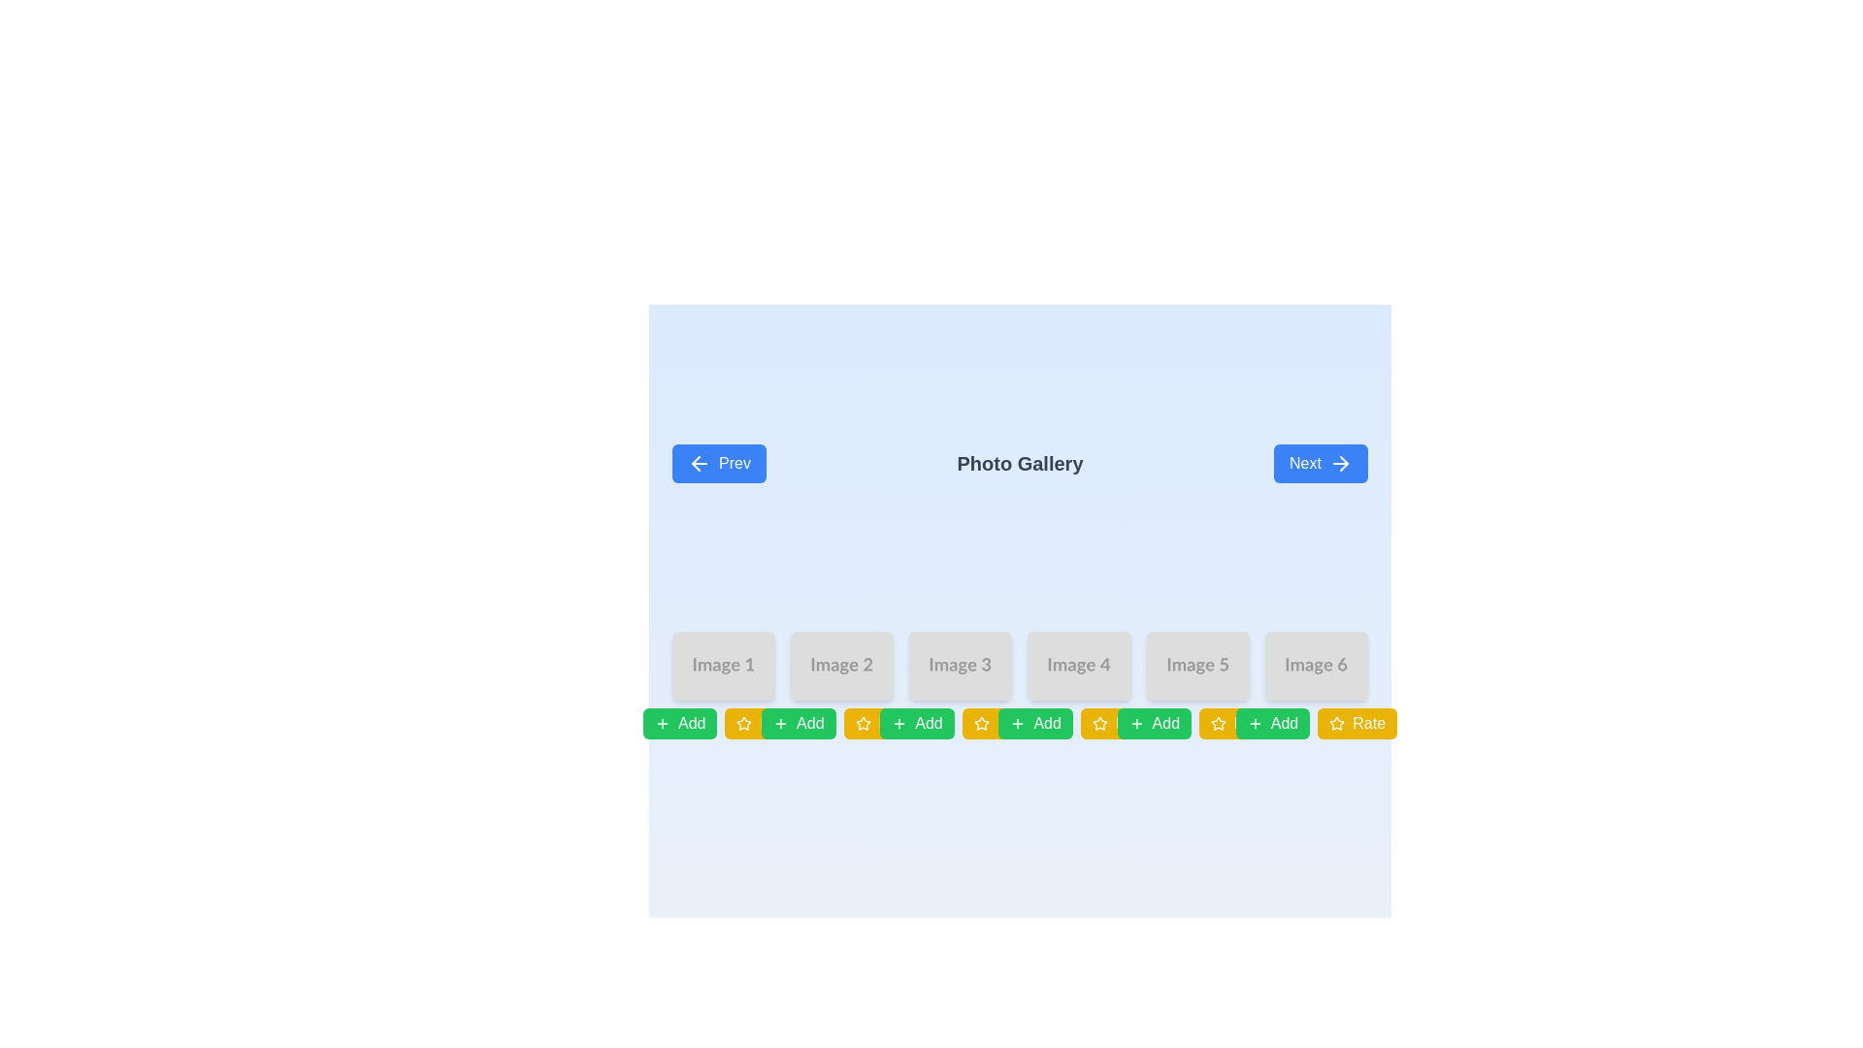  I want to click on the icon located below the fifth image slot titled 'Image 5' to trigger the associated behavior for adding content, so click(1136, 723).